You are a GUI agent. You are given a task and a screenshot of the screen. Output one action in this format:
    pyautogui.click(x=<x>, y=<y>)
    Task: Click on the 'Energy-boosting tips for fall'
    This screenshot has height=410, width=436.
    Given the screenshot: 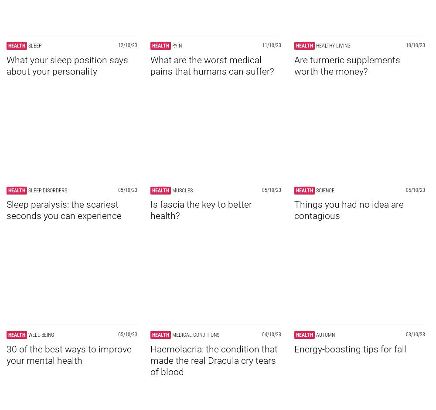 What is the action you would take?
    pyautogui.click(x=350, y=349)
    